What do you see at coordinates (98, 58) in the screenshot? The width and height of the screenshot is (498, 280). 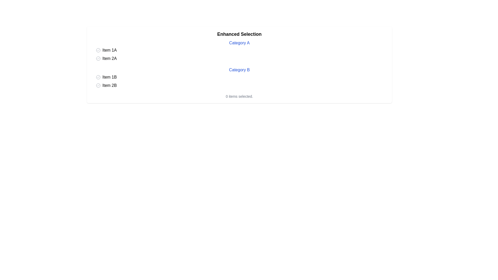 I see `the check icon within the circular checkbox for 'Item 2A'` at bounding box center [98, 58].